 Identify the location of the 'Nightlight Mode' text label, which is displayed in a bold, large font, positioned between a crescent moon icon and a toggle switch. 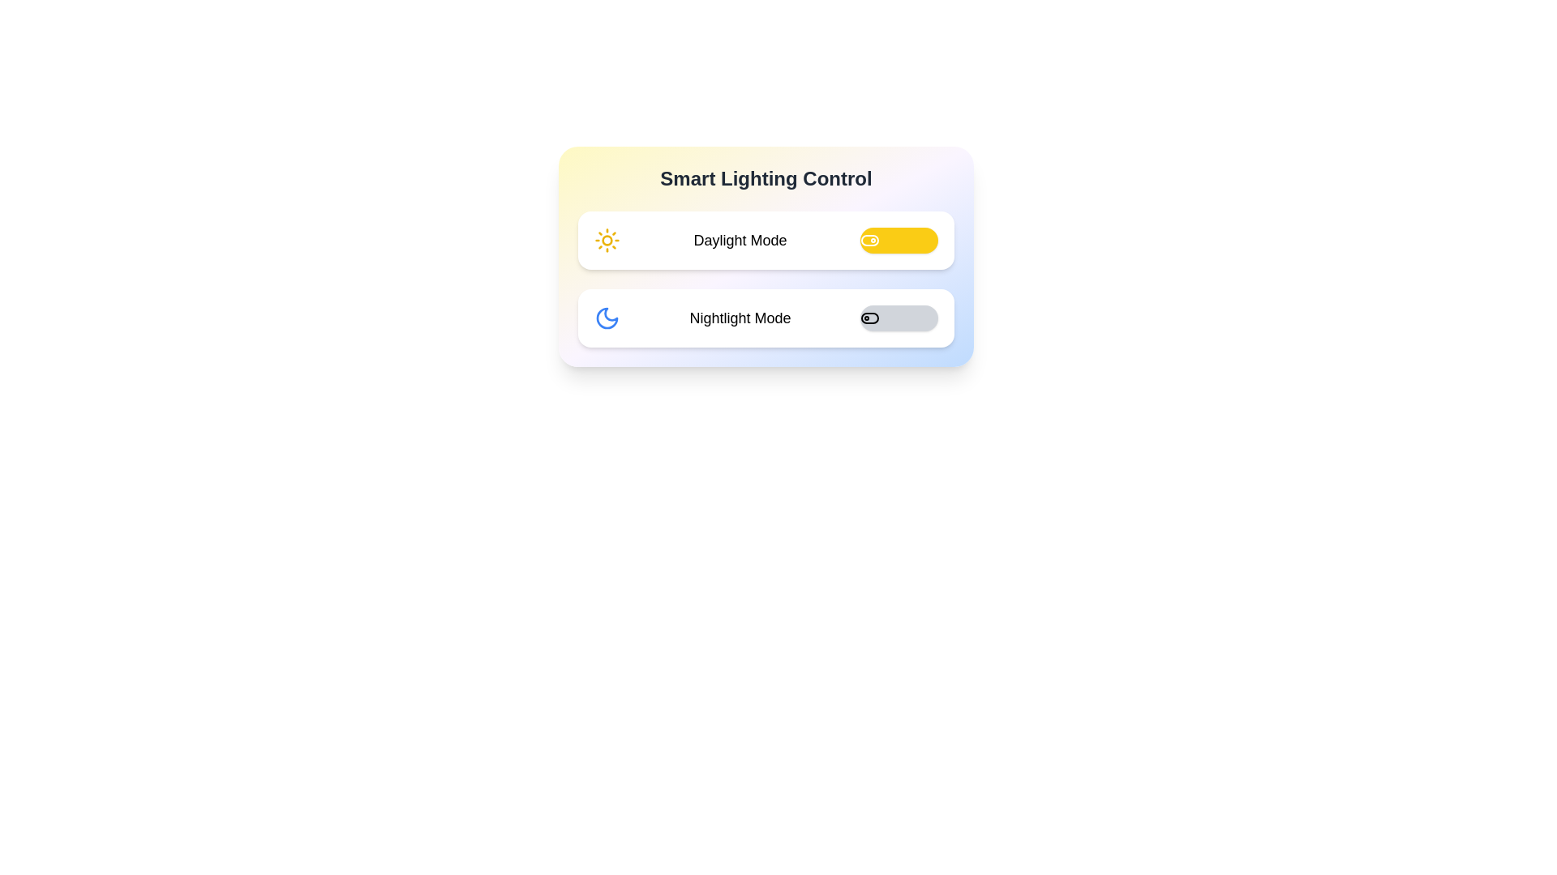
(739, 318).